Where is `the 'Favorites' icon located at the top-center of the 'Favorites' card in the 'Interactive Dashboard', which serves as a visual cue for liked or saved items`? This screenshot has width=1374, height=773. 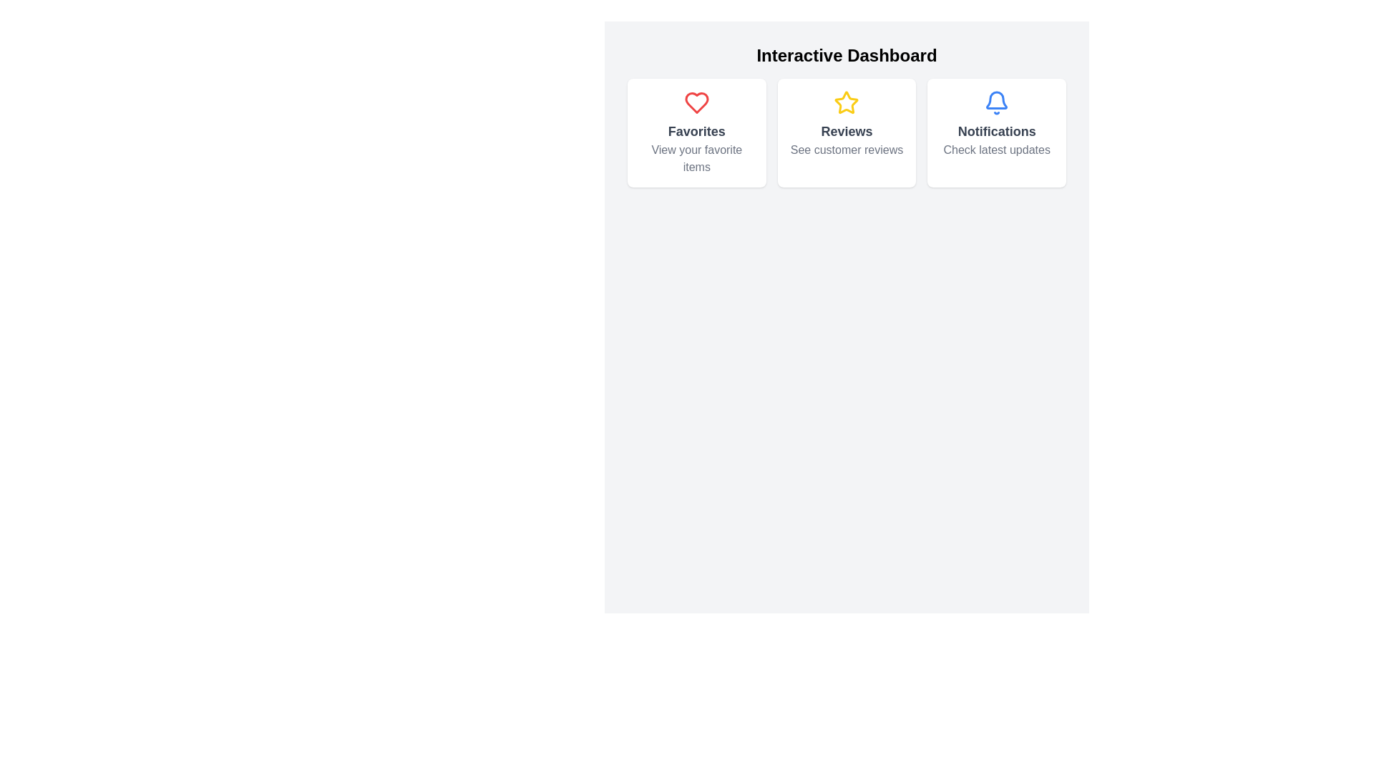 the 'Favorites' icon located at the top-center of the 'Favorites' card in the 'Interactive Dashboard', which serves as a visual cue for liked or saved items is located at coordinates (696, 102).